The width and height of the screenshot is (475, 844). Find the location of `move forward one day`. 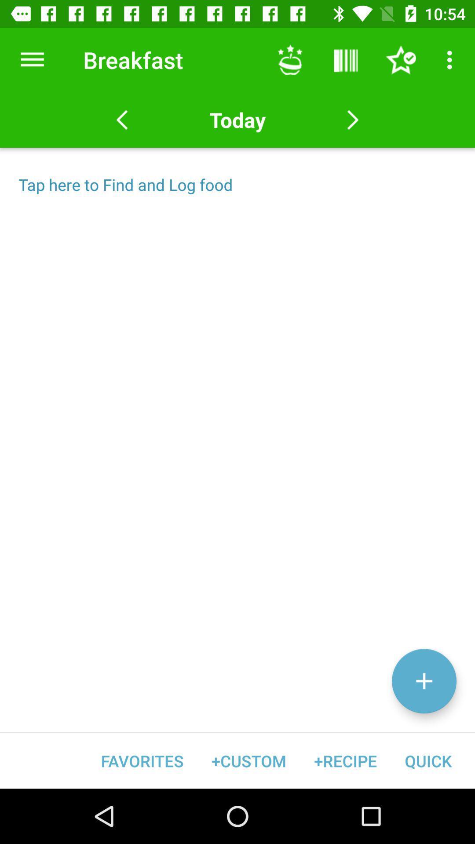

move forward one day is located at coordinates (352, 120).